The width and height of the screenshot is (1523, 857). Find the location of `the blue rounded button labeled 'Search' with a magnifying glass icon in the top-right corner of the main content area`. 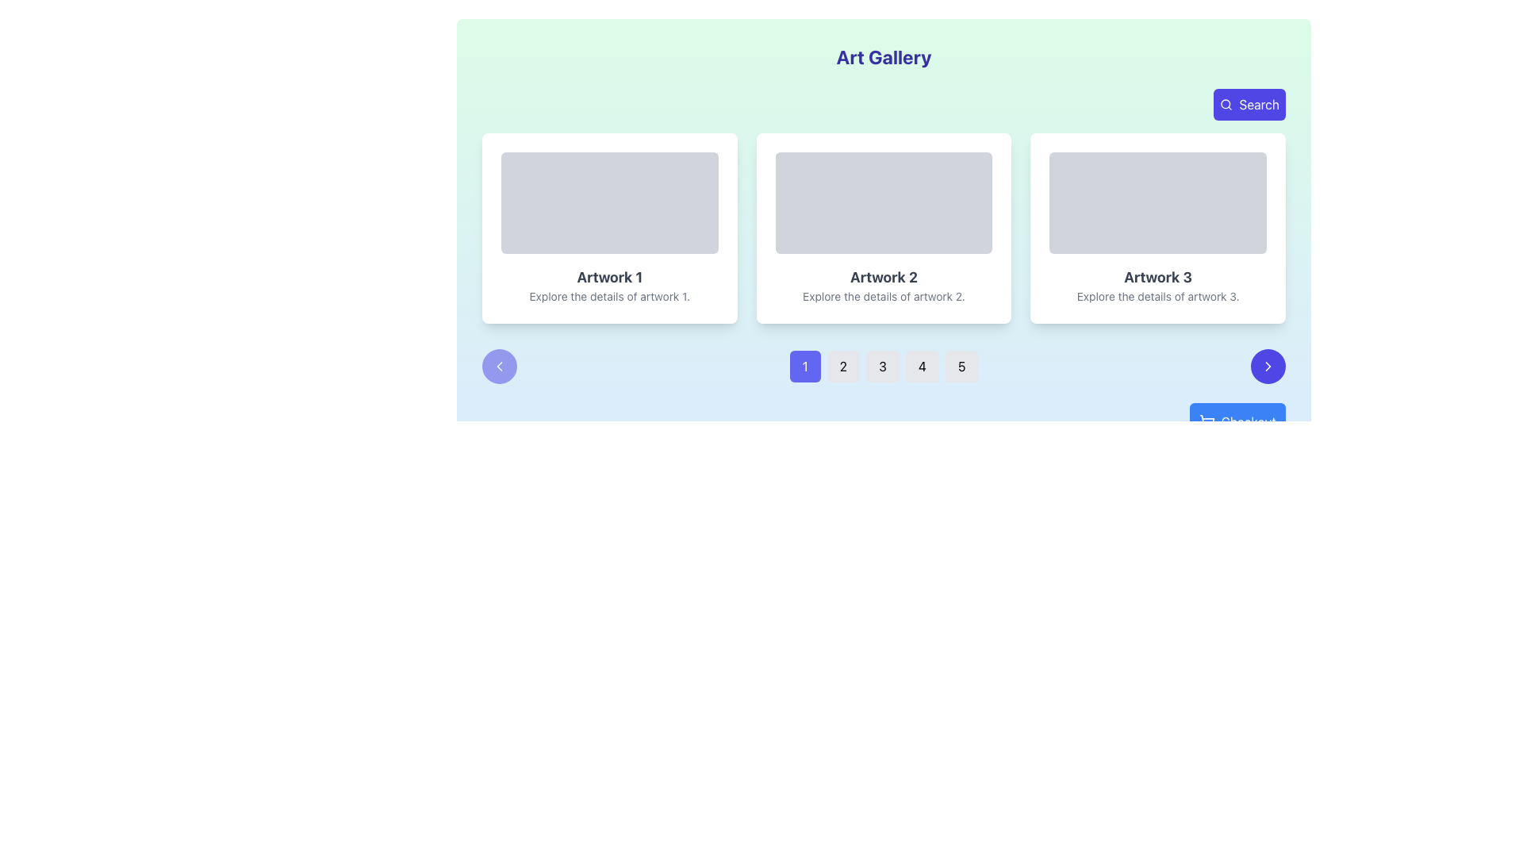

the blue rounded button labeled 'Search' with a magnifying glass icon in the top-right corner of the main content area is located at coordinates (1249, 104).